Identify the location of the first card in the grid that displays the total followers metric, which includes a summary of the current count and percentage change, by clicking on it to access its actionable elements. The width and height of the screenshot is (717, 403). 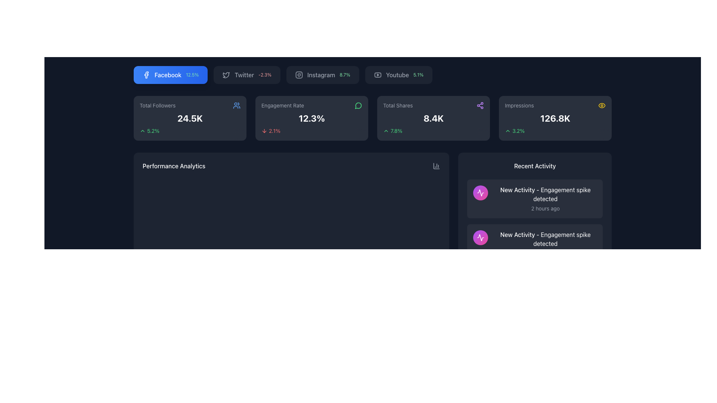
(190, 118).